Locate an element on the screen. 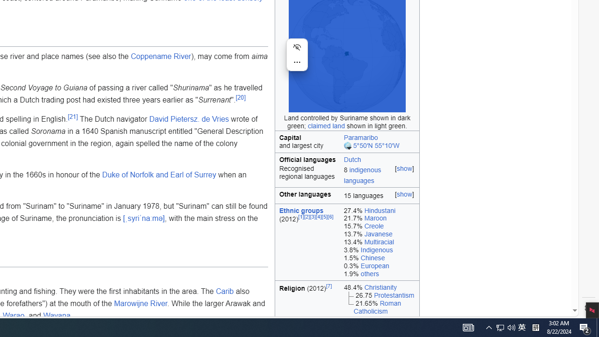  'Dutch' is located at coordinates (351, 159).